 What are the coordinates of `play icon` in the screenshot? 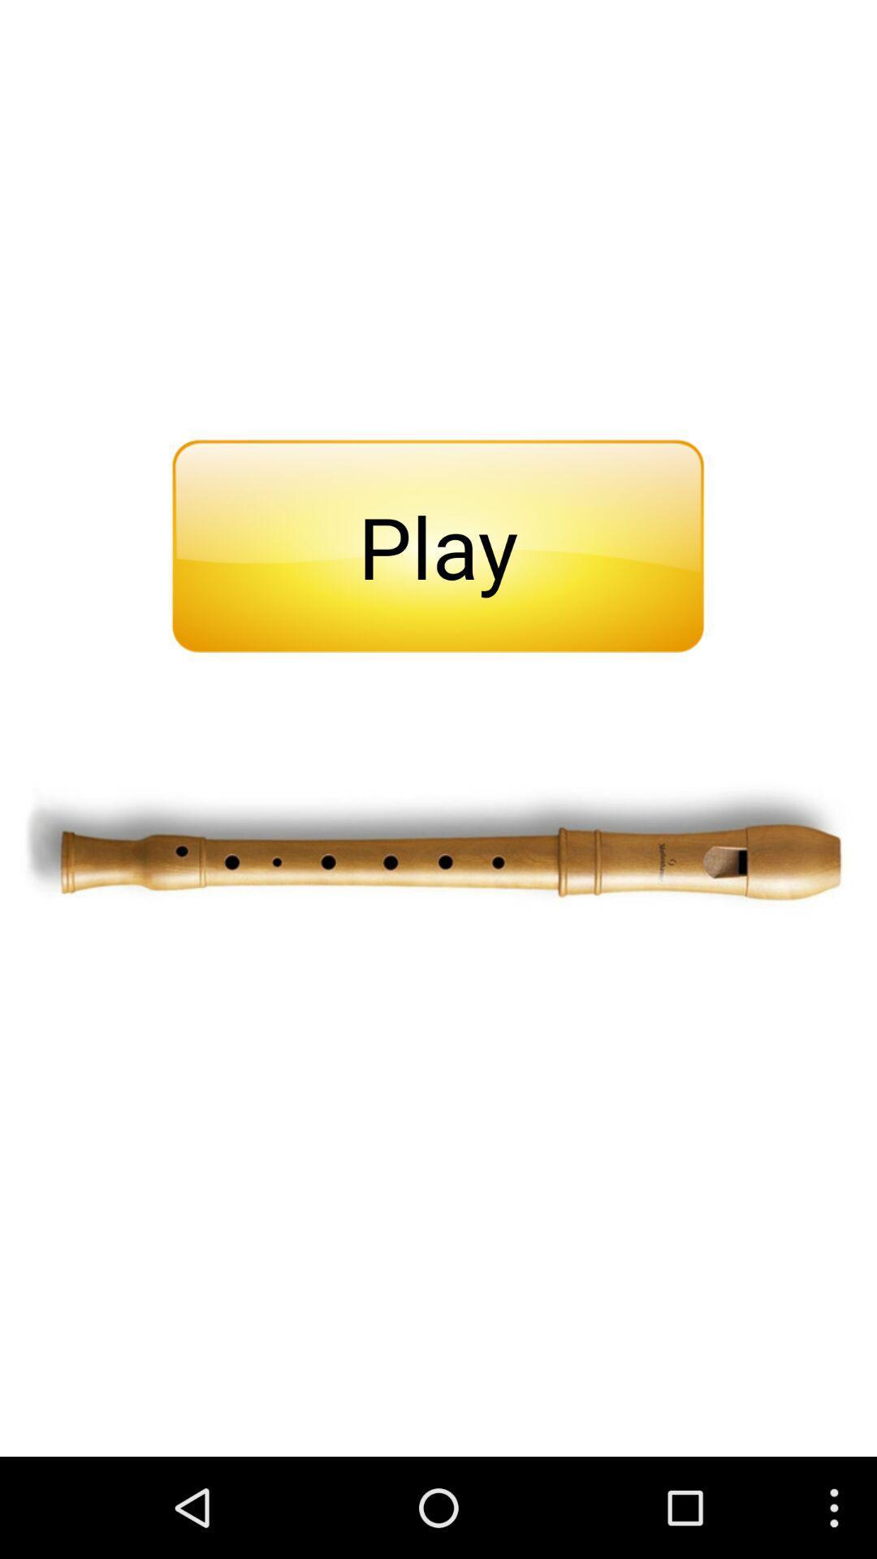 It's located at (437, 546).